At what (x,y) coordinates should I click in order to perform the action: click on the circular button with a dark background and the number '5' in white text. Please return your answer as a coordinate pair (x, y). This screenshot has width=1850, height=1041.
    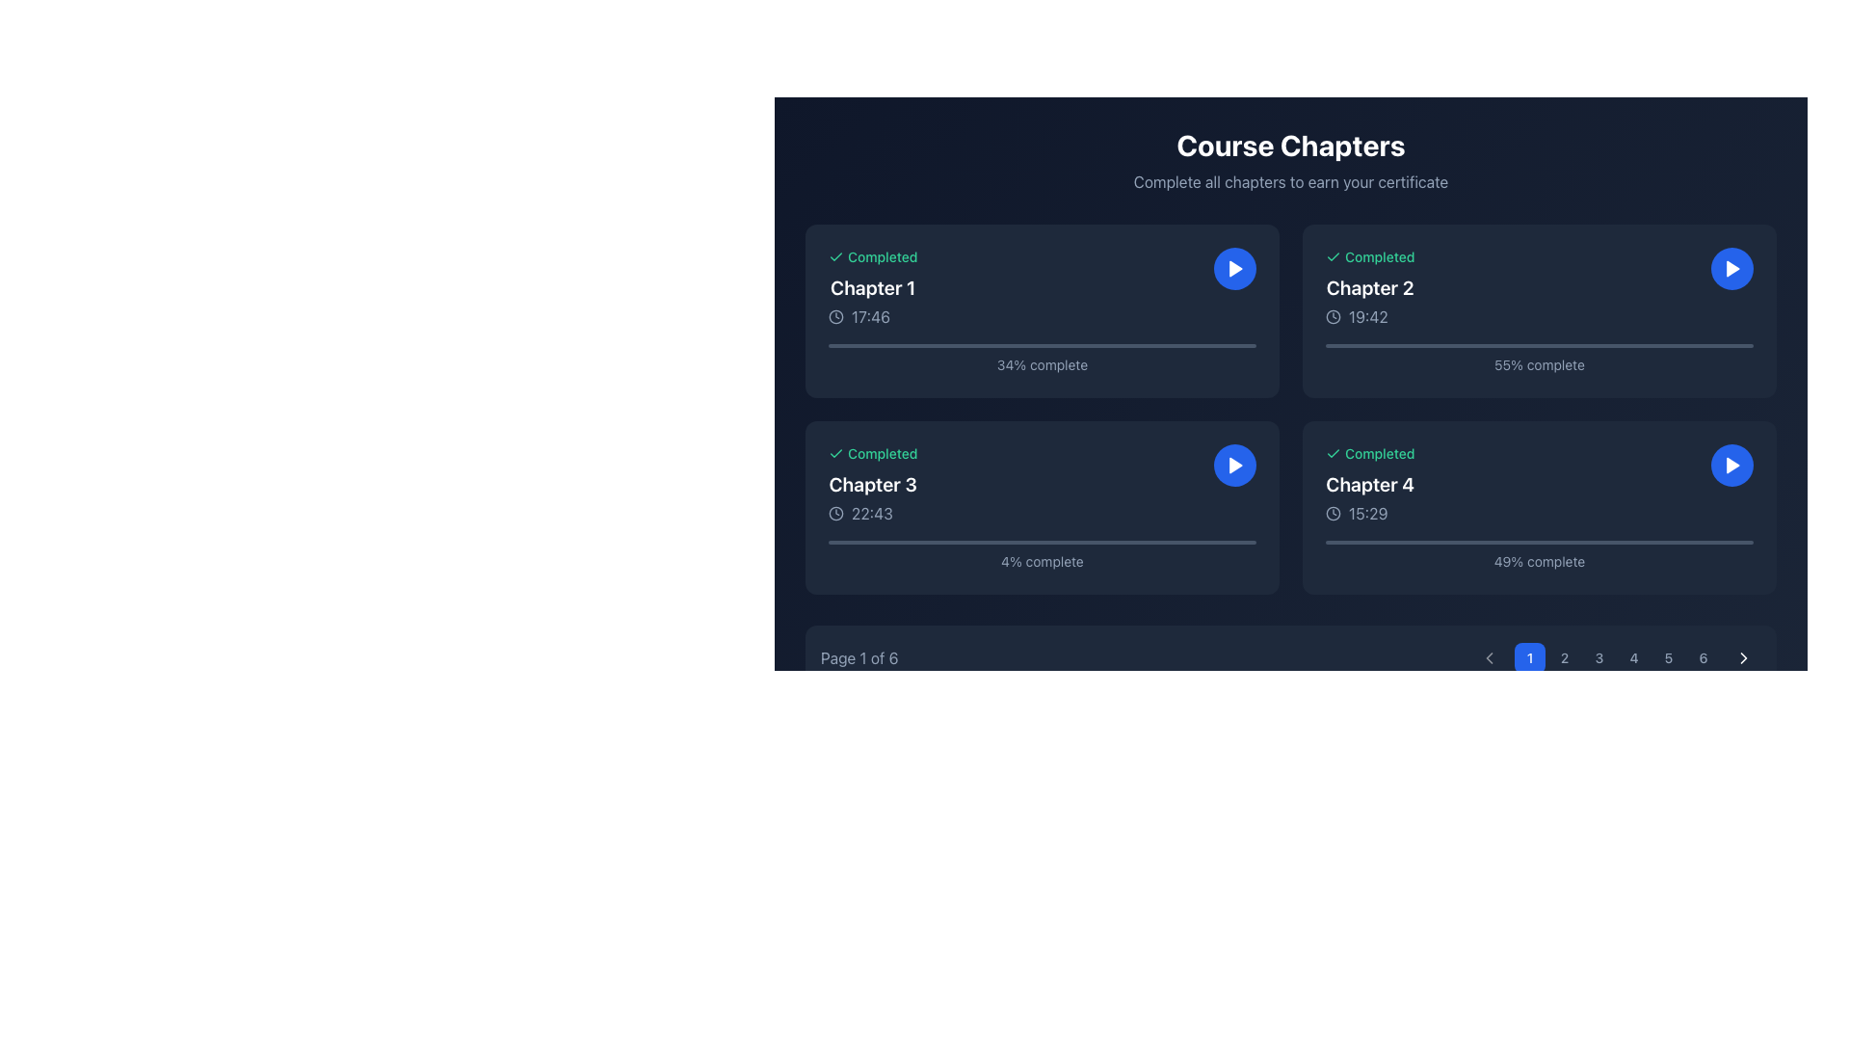
    Looking at the image, I should click on (1668, 656).